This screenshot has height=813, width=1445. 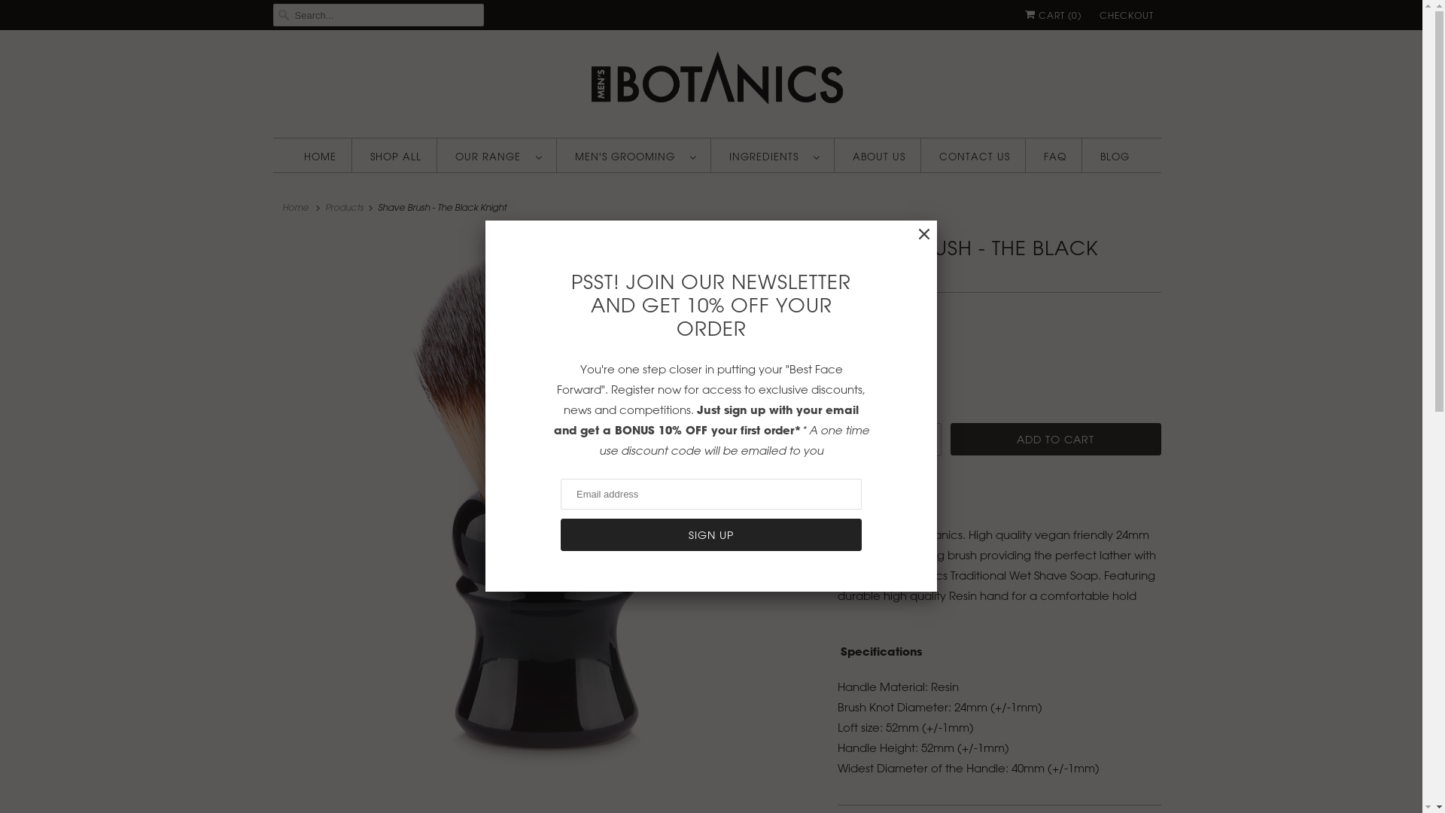 What do you see at coordinates (319, 156) in the screenshot?
I see `'HOME'` at bounding box center [319, 156].